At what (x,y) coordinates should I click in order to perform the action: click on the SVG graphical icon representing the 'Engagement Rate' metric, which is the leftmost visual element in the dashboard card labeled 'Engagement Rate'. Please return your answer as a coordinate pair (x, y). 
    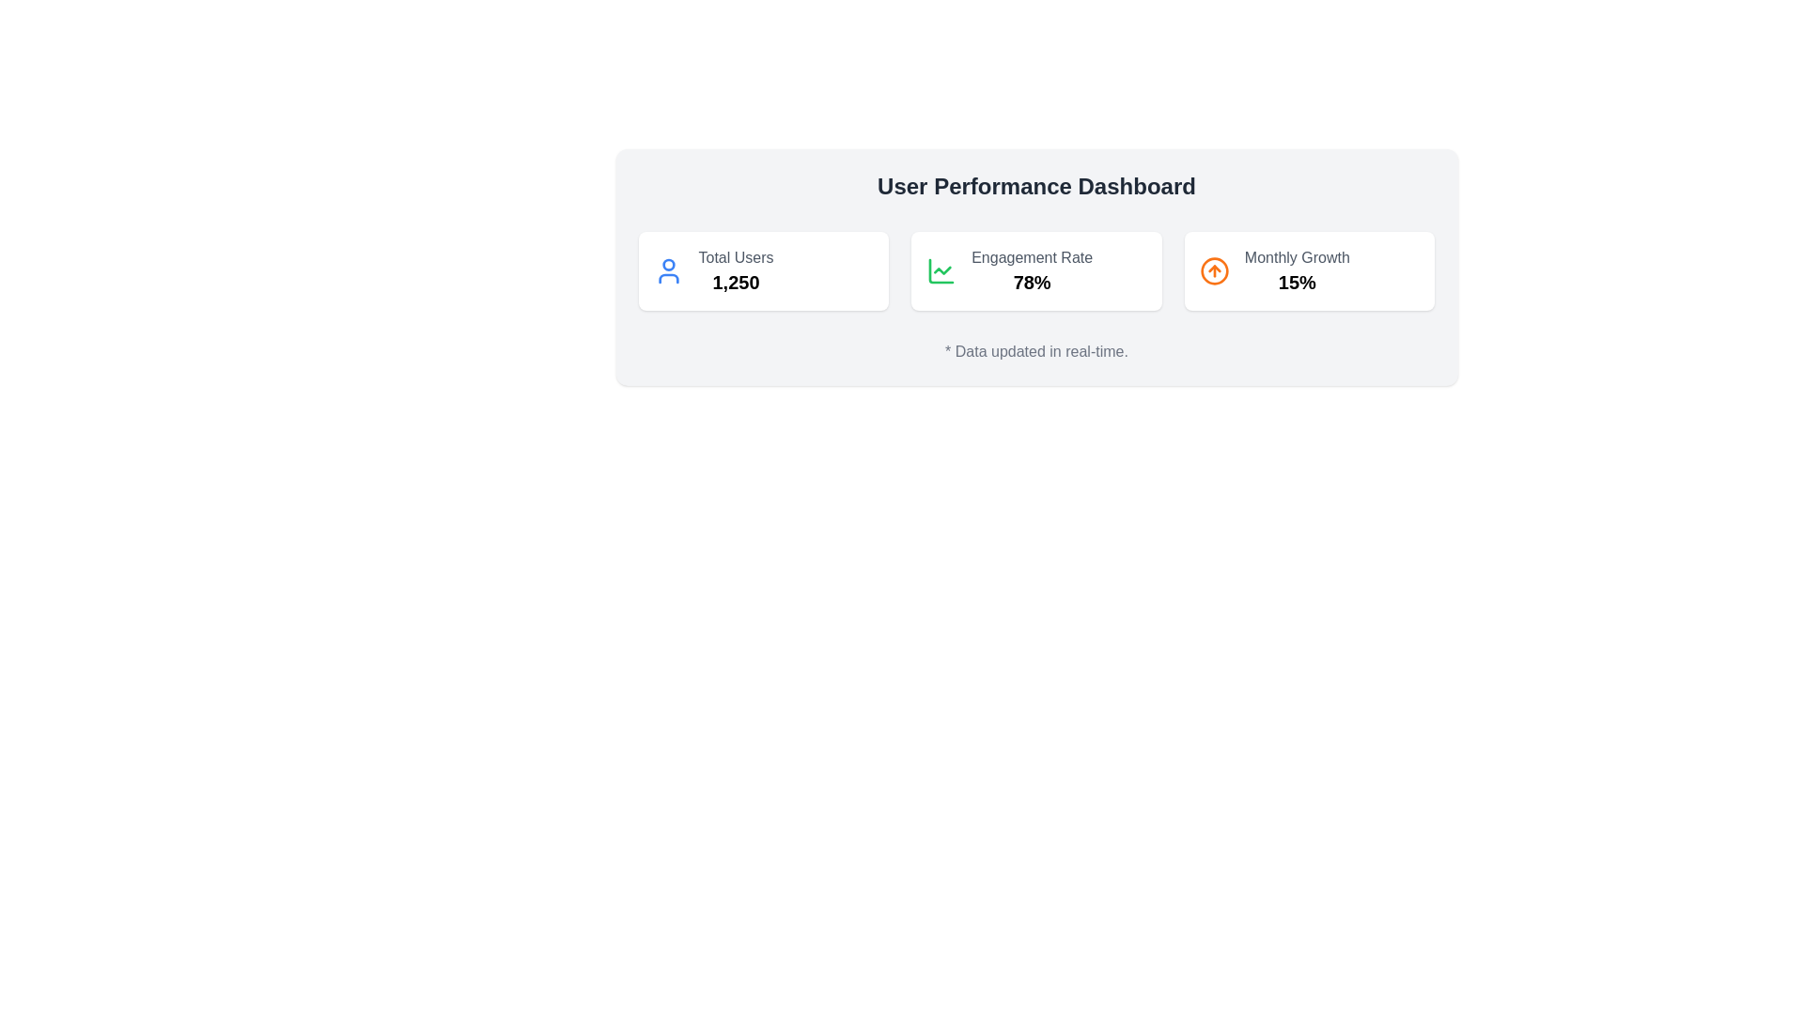
    Looking at the image, I should click on (941, 271).